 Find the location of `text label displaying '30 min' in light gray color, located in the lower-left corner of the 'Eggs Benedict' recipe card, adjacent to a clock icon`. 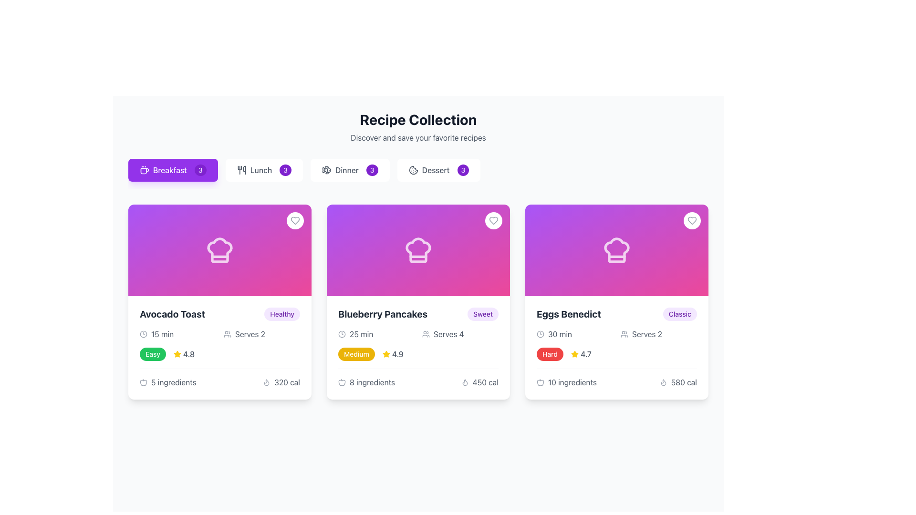

text label displaying '30 min' in light gray color, located in the lower-left corner of the 'Eggs Benedict' recipe card, adjacent to a clock icon is located at coordinates (560, 334).